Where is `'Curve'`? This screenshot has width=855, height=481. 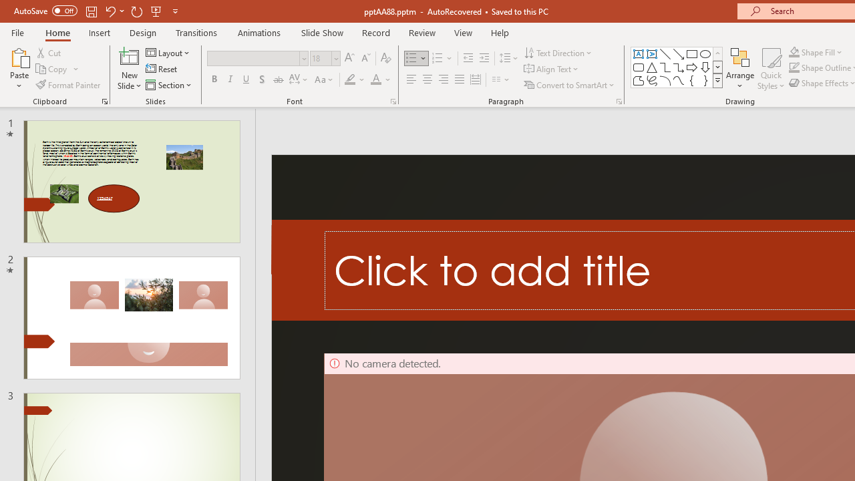 'Curve' is located at coordinates (679, 80).